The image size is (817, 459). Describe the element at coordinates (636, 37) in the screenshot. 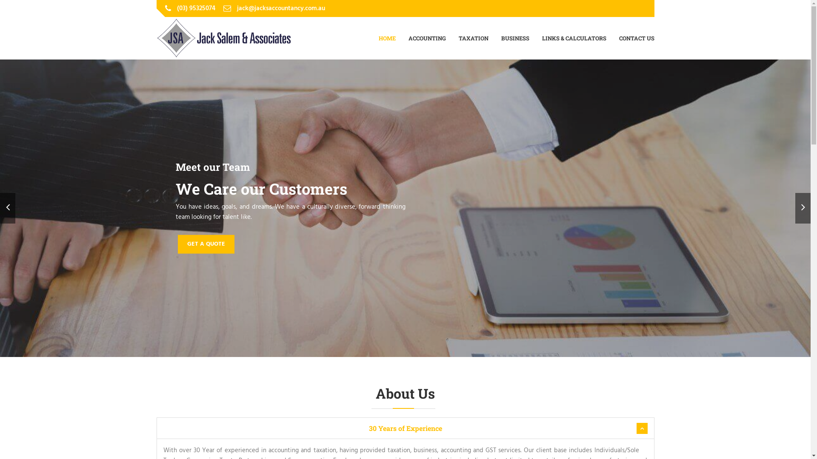

I see `'CONTACT US'` at that location.